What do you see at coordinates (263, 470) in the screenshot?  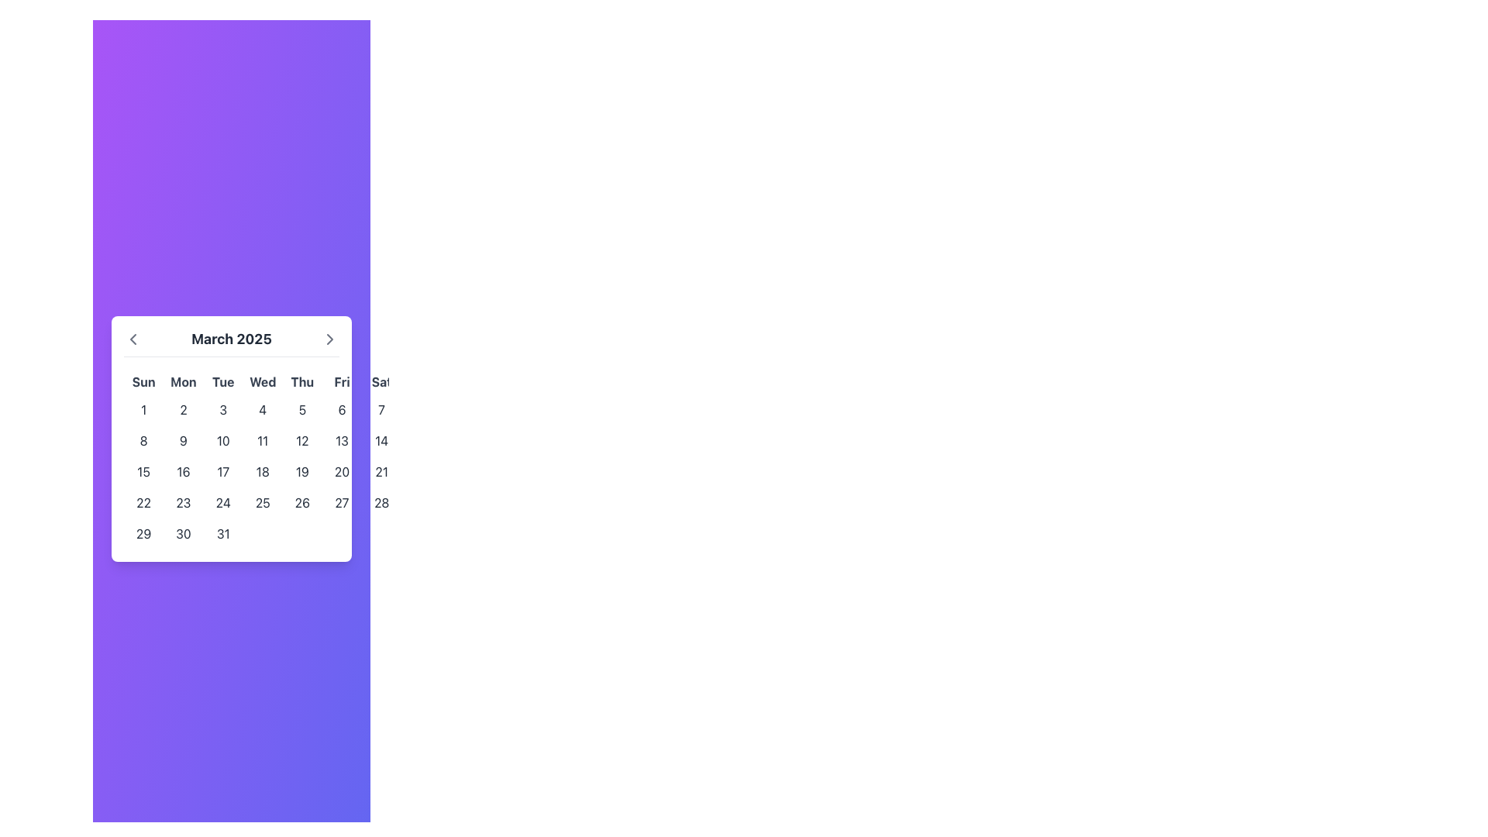 I see `the text element displaying the number '18', styled in gray on a white background, which is the fourth element` at bounding box center [263, 470].